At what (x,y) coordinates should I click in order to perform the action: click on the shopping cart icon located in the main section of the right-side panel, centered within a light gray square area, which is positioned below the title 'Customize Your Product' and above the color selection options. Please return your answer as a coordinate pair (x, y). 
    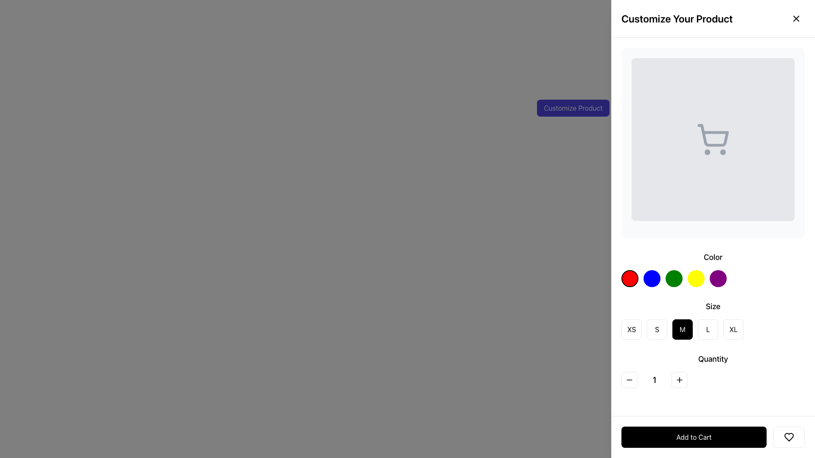
    Looking at the image, I should click on (713, 139).